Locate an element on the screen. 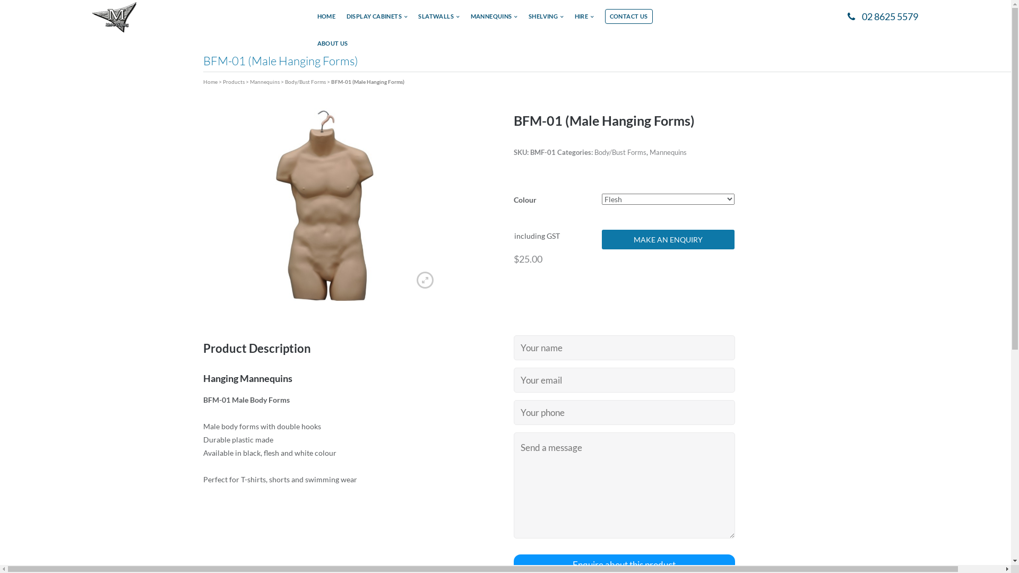  'HOME' is located at coordinates (326, 20).